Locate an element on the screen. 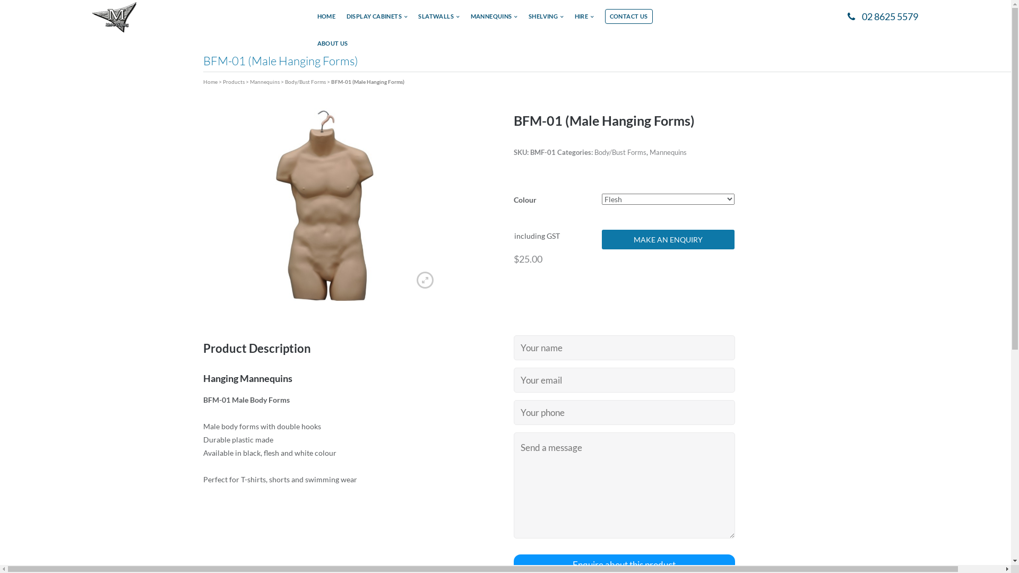  'HOME' is located at coordinates (326, 20).